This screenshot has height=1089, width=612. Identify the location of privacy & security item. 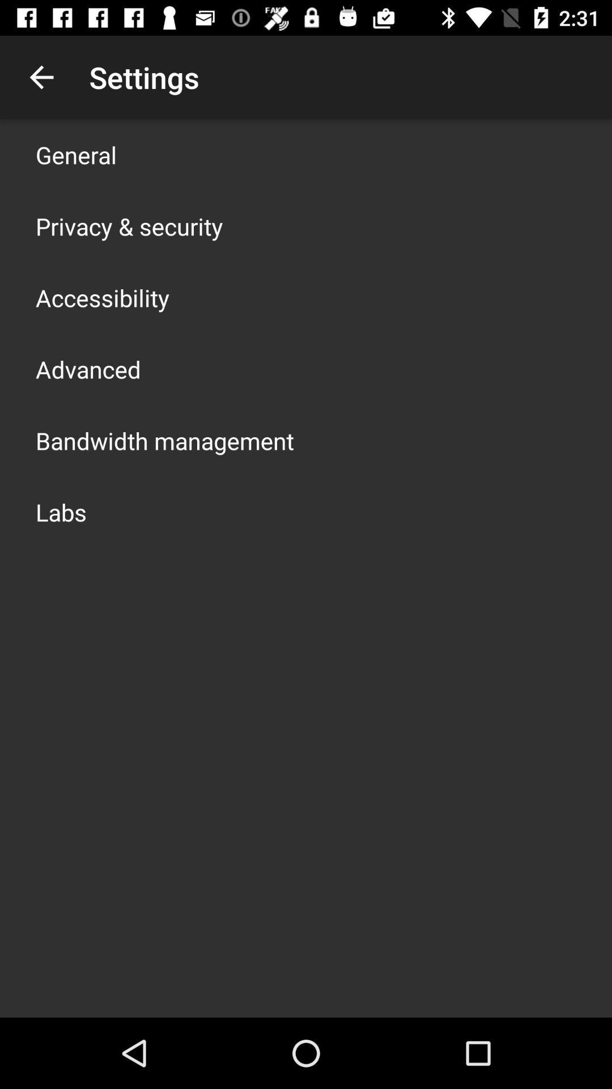
(129, 226).